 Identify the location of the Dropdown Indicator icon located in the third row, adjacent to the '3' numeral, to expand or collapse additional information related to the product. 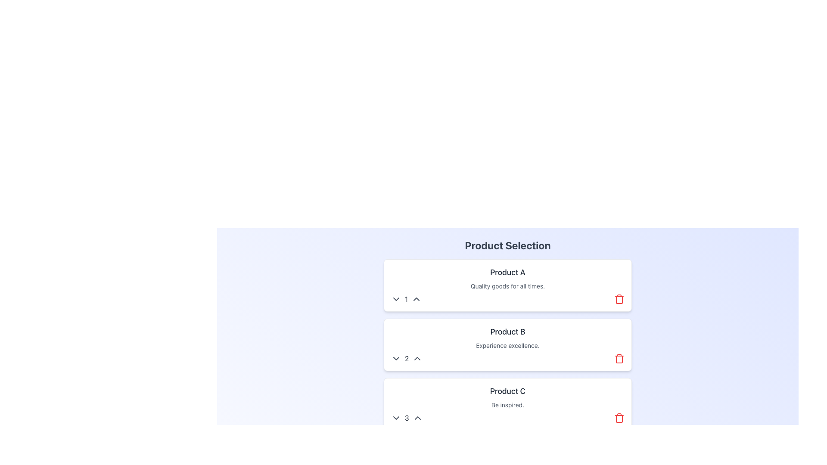
(396, 418).